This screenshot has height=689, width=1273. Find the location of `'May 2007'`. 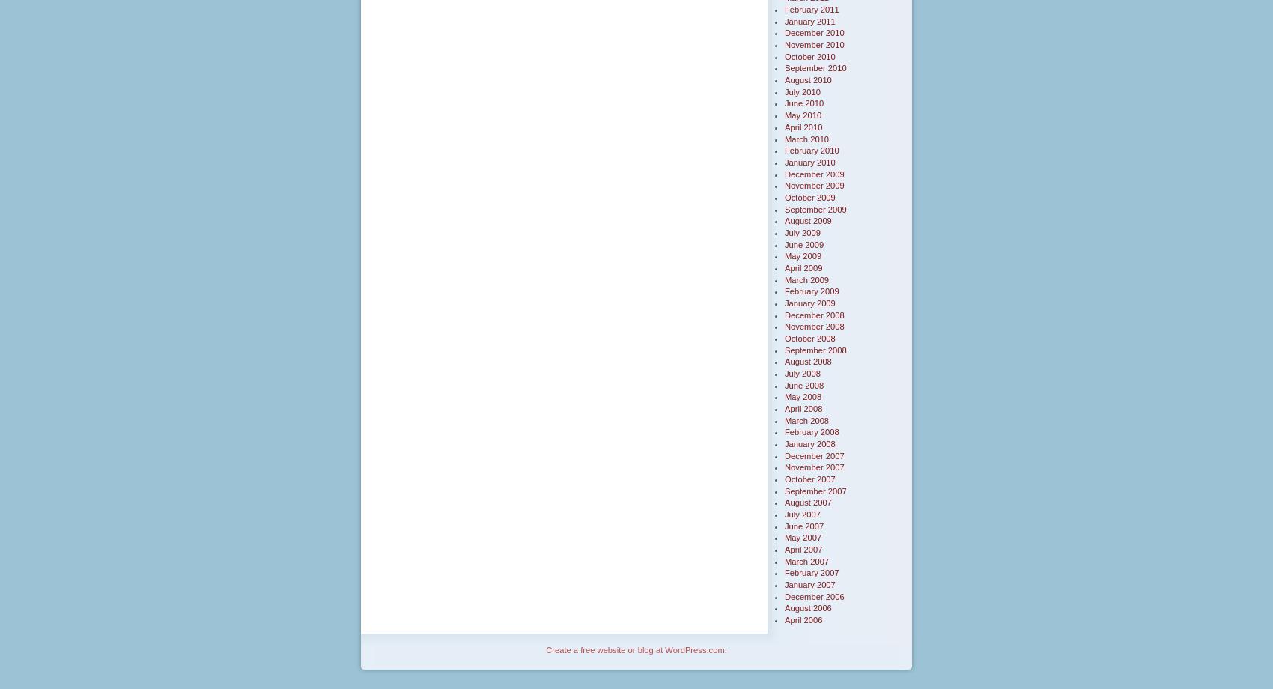

'May 2007' is located at coordinates (784, 537).